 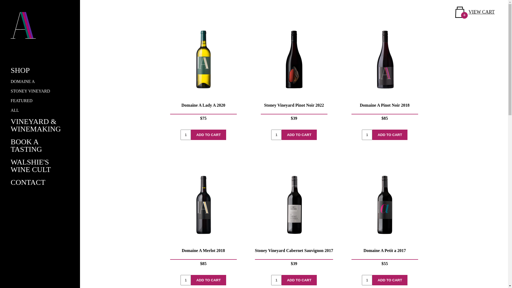 What do you see at coordinates (384, 219) in the screenshot?
I see `'Domaine A Petit a 2017` at bounding box center [384, 219].